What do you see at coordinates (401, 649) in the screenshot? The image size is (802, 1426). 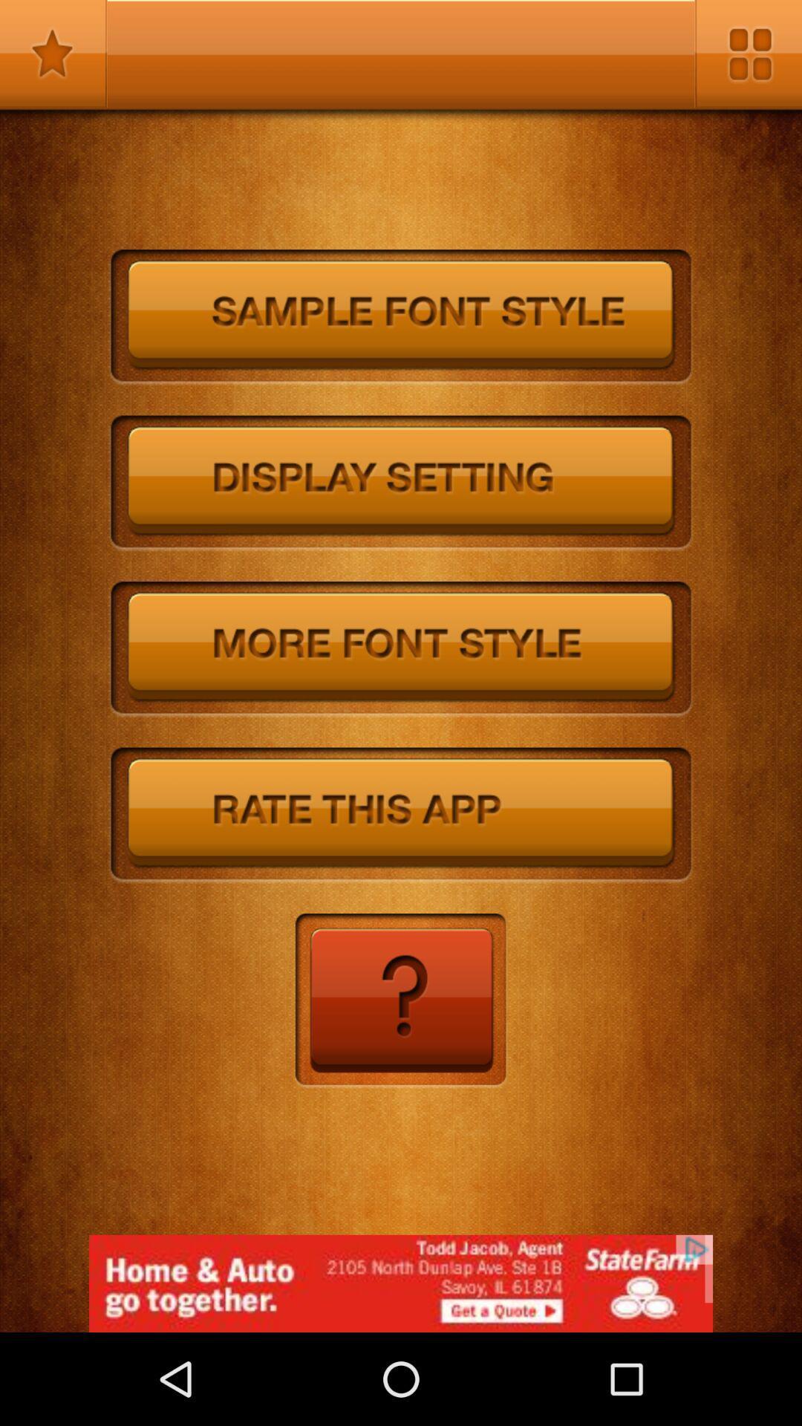 I see `choose a different font` at bounding box center [401, 649].